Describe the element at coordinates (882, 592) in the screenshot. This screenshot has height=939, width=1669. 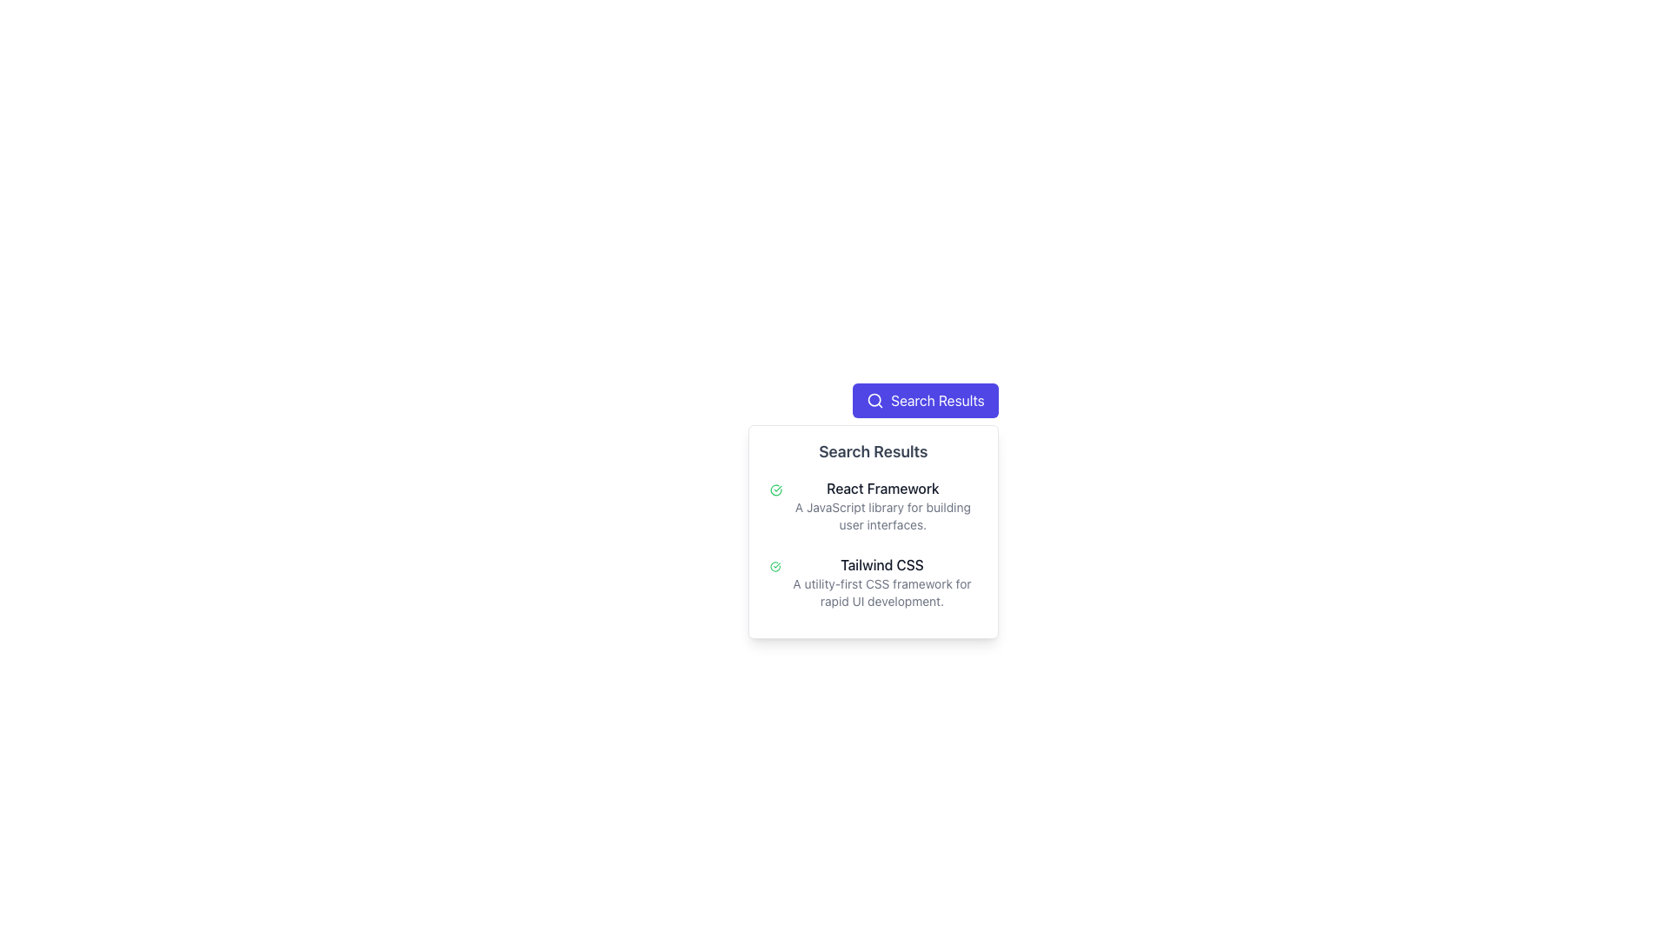
I see `descriptive subtitle text located immediately below the title 'Tailwind CSS' in the search results section, which explains the purpose of Tailwind CSS as a CSS framework` at that location.